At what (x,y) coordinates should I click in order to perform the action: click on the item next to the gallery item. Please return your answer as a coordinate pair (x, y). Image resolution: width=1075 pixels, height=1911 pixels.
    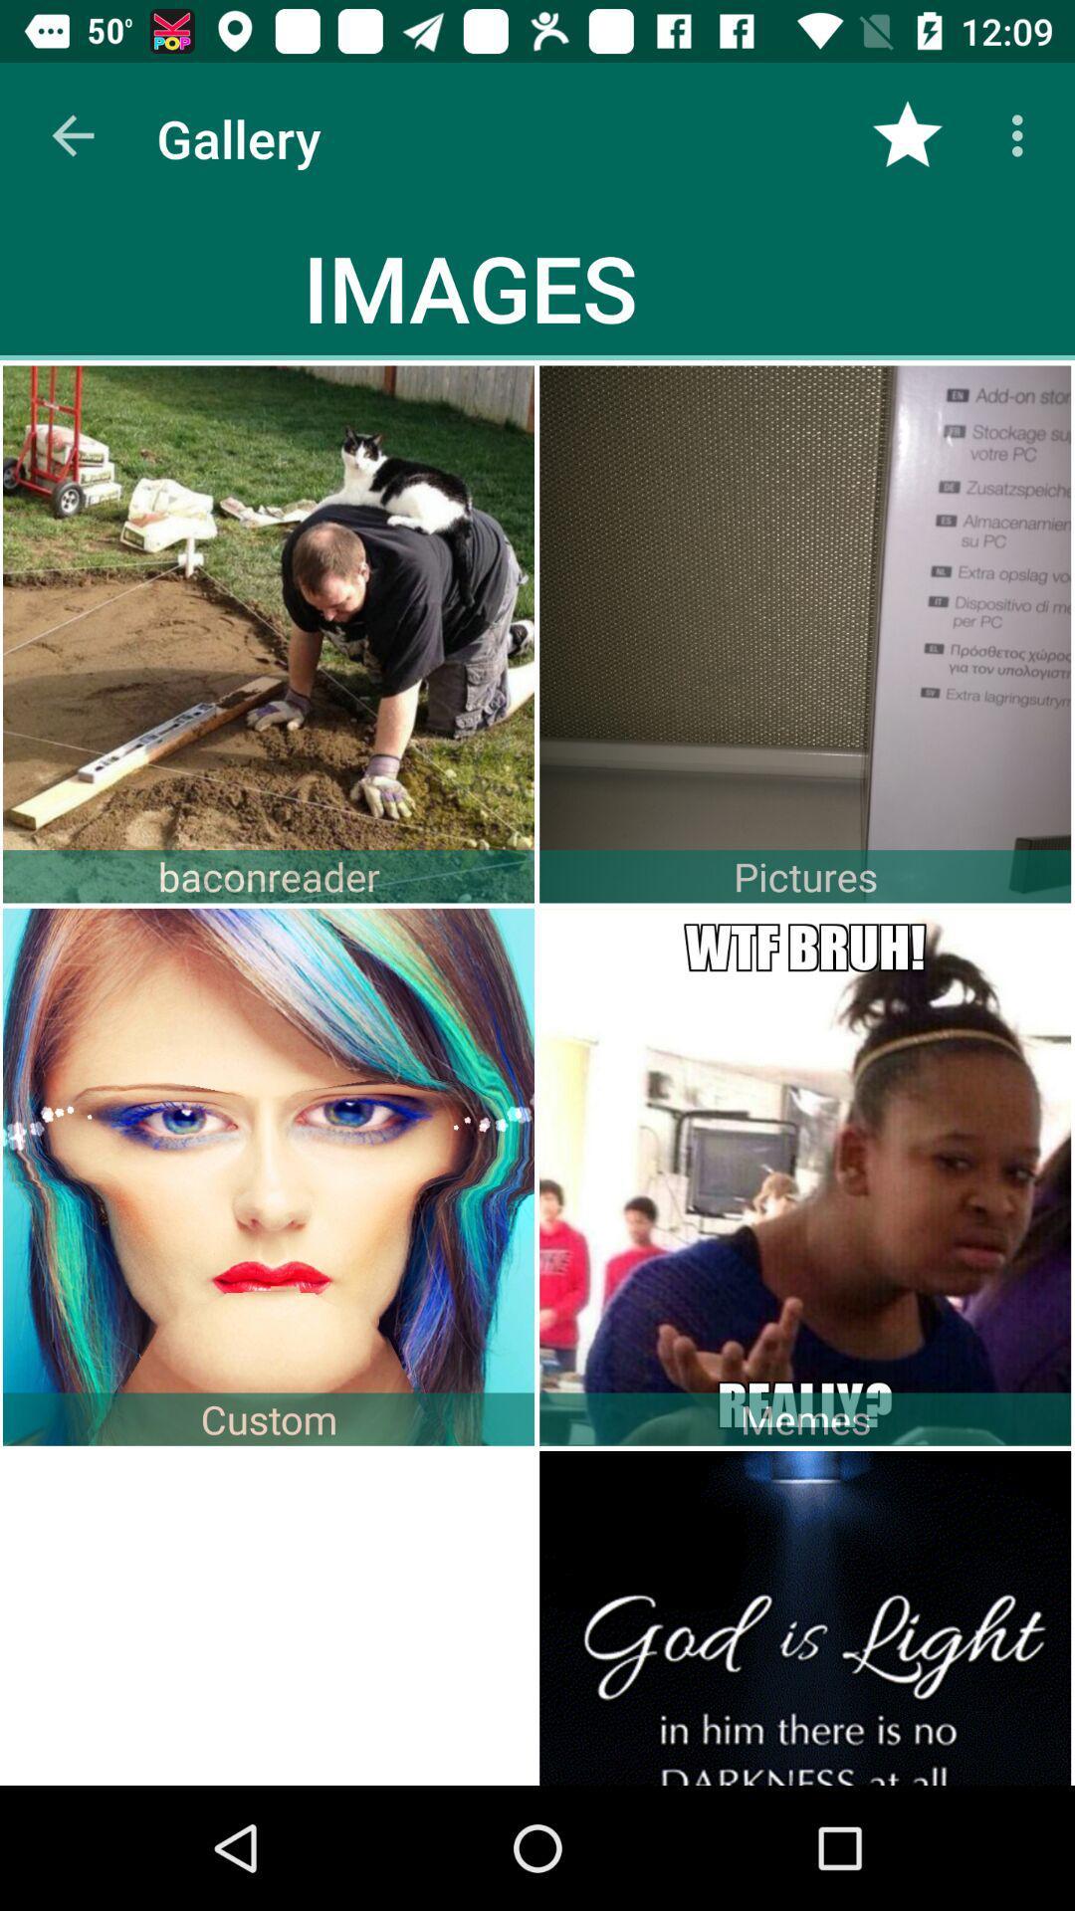
    Looking at the image, I should click on (72, 134).